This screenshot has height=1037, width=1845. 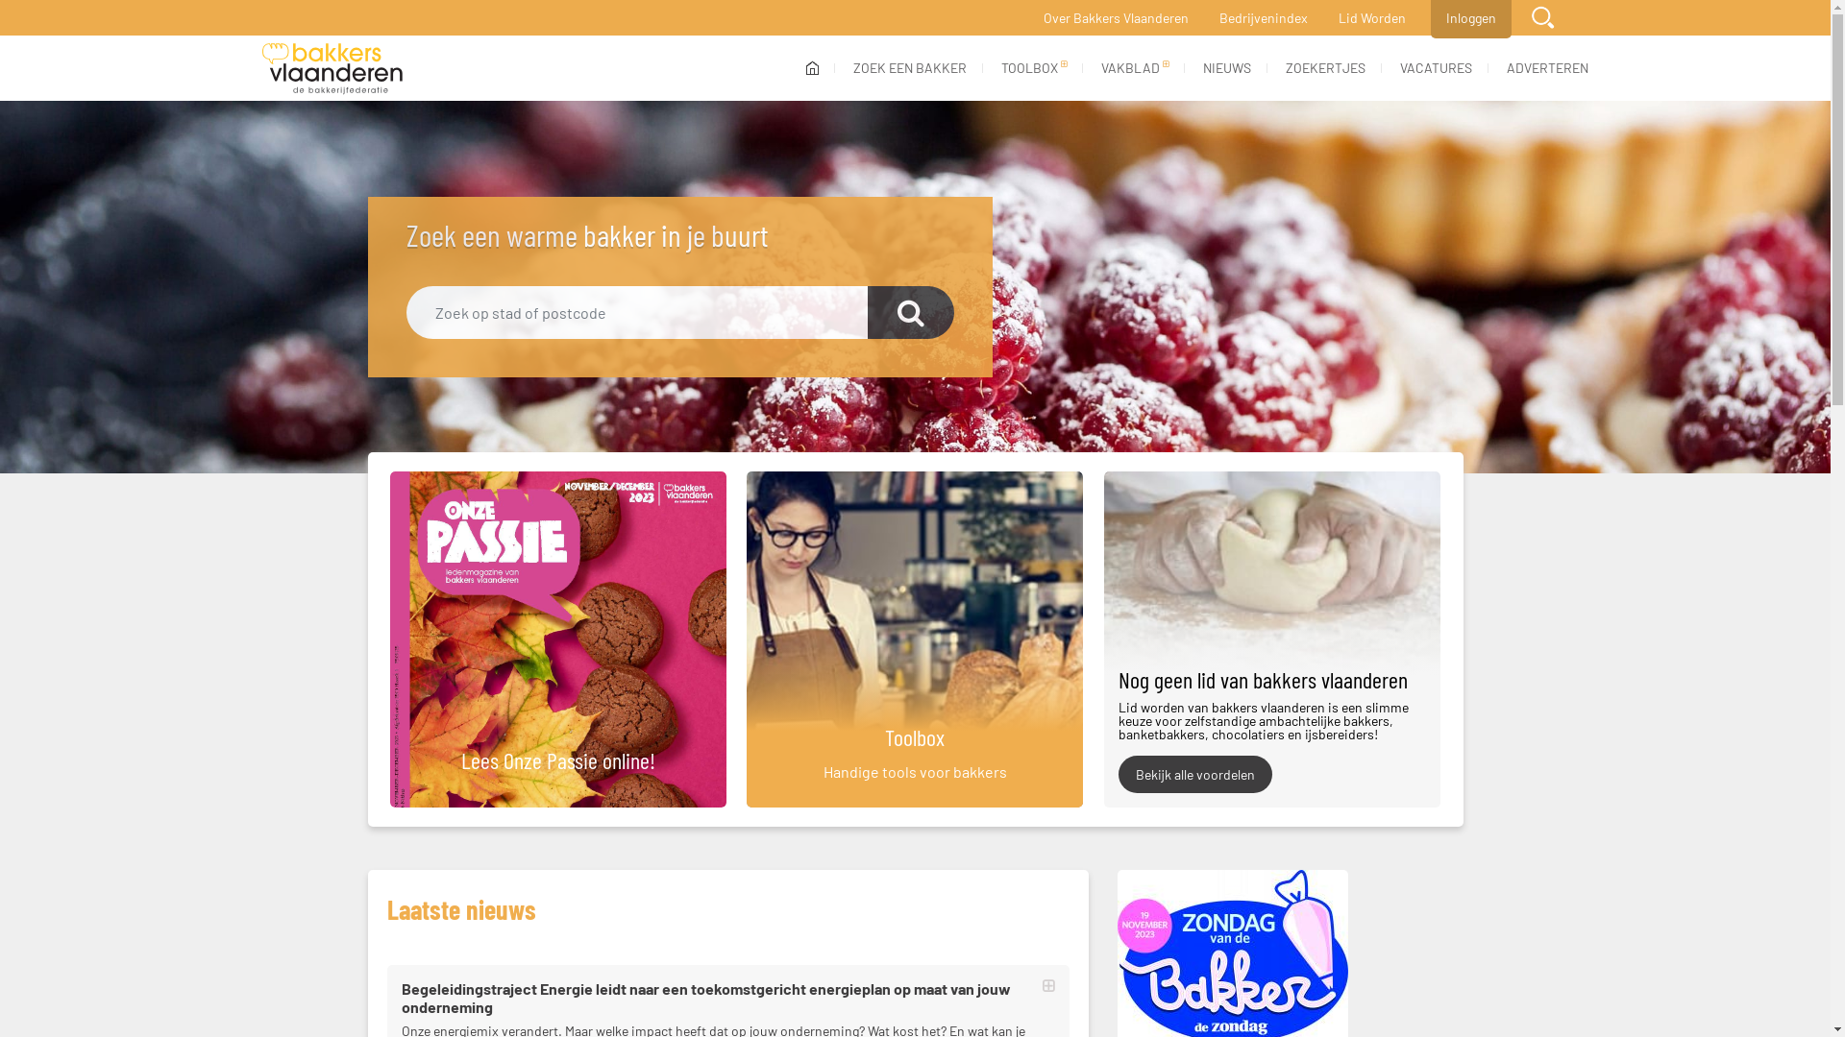 What do you see at coordinates (550, 639) in the screenshot?
I see `'Lees Onze Passie online!'` at bounding box center [550, 639].